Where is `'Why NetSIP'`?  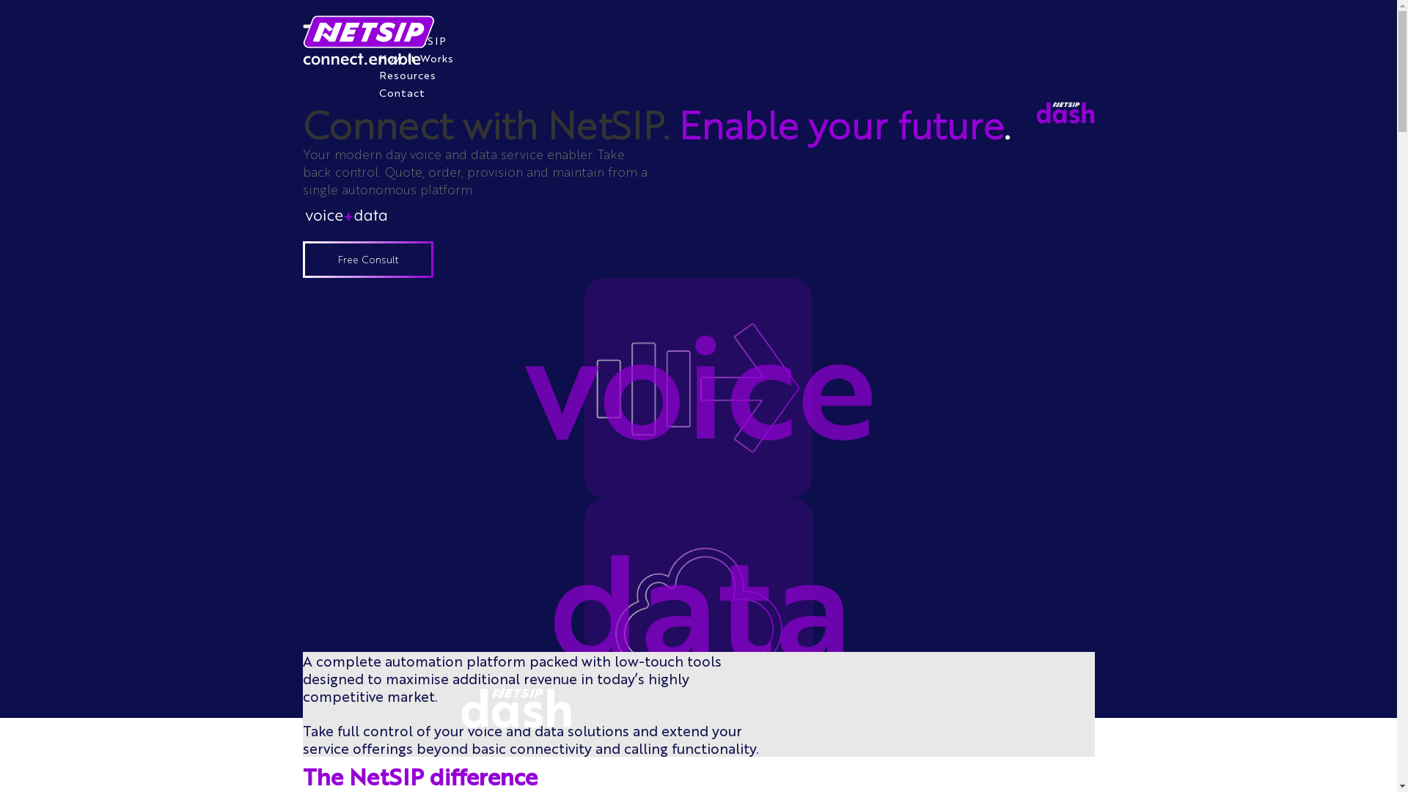
'Why NetSIP' is located at coordinates (411, 39).